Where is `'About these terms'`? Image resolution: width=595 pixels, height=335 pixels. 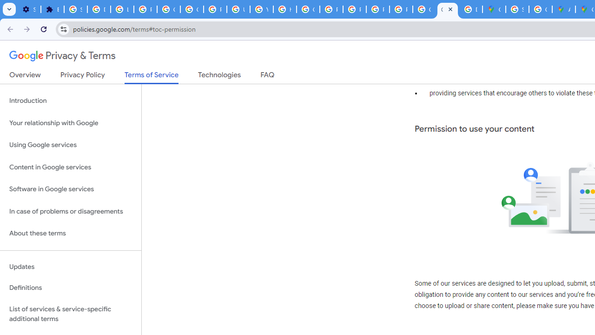 'About these terms' is located at coordinates (70, 233).